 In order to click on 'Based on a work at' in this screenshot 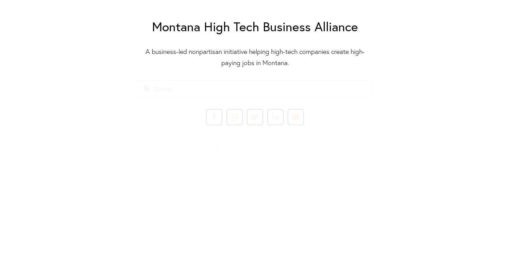, I will do `click(186, 184)`.